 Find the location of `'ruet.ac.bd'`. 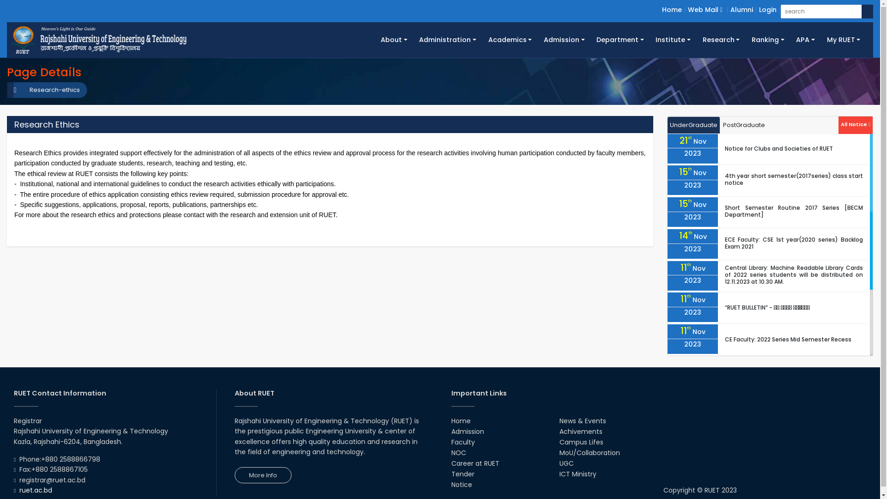

'ruet.ac.bd' is located at coordinates (36, 489).